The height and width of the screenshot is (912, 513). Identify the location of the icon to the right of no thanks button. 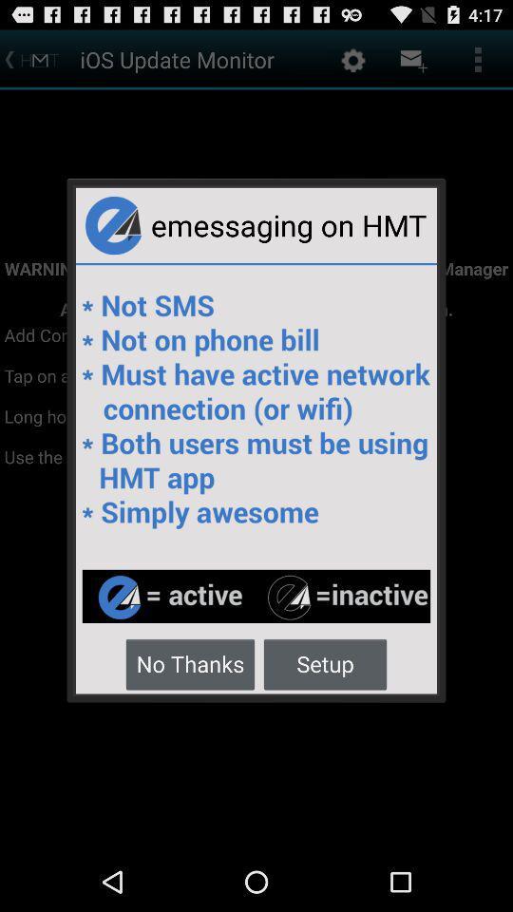
(324, 663).